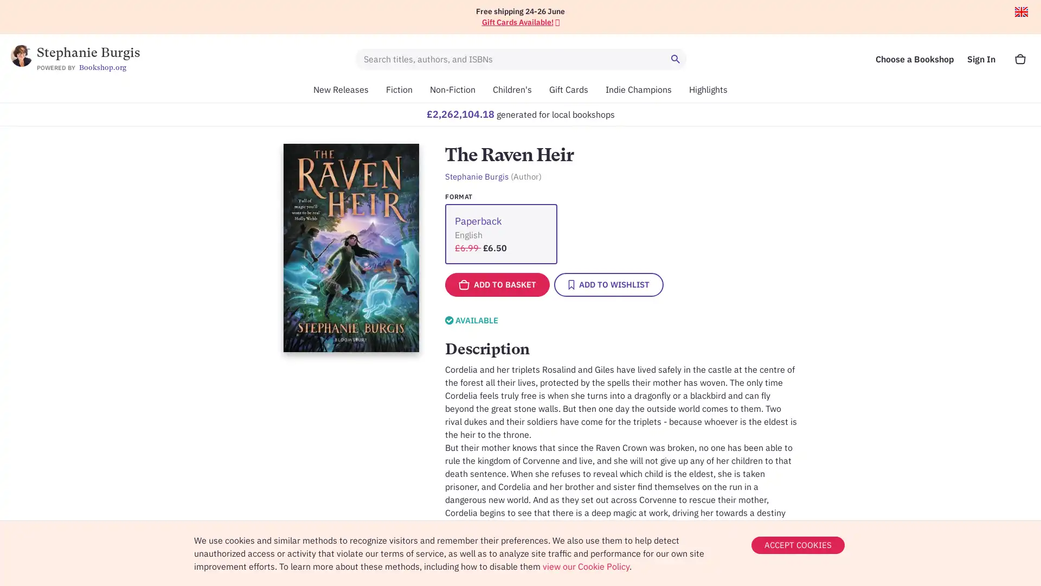  I want to click on ADD TO BASKET, so click(497, 284).